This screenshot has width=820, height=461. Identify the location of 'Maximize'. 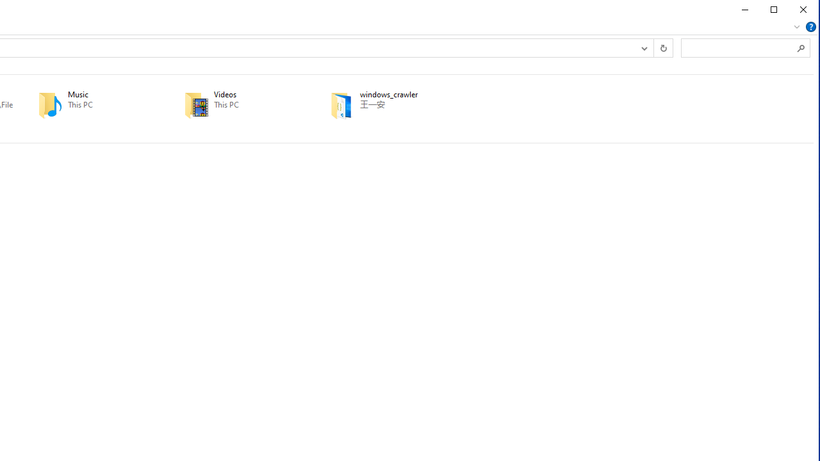
(773, 10).